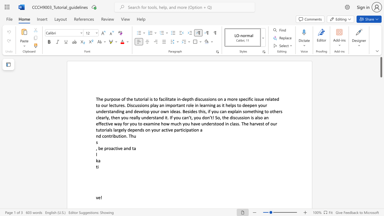 The width and height of the screenshot is (384, 216). Describe the element at coordinates (381, 111) in the screenshot. I see `the scrollbar to move the page downward` at that location.